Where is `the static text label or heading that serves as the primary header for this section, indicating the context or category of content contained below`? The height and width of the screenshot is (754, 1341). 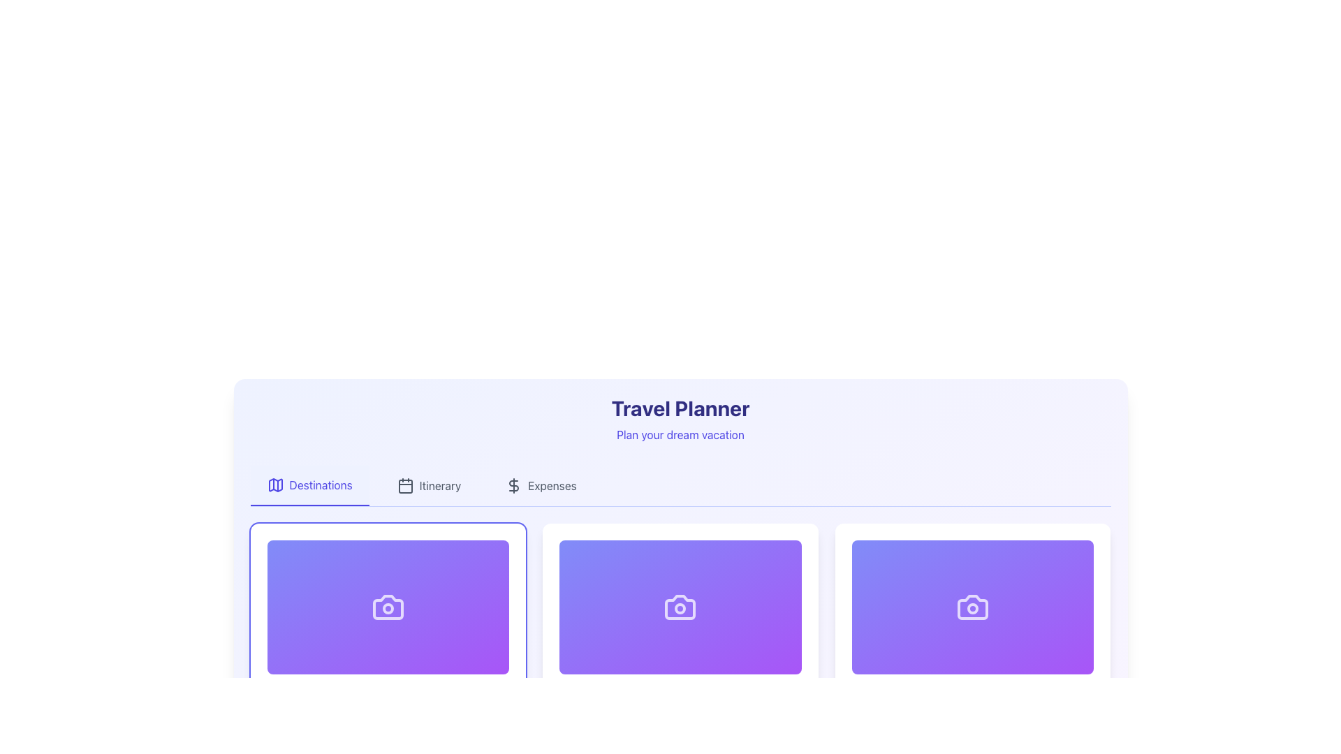
the static text label or heading that serves as the primary header for this section, indicating the context or category of content contained below is located at coordinates (680, 408).